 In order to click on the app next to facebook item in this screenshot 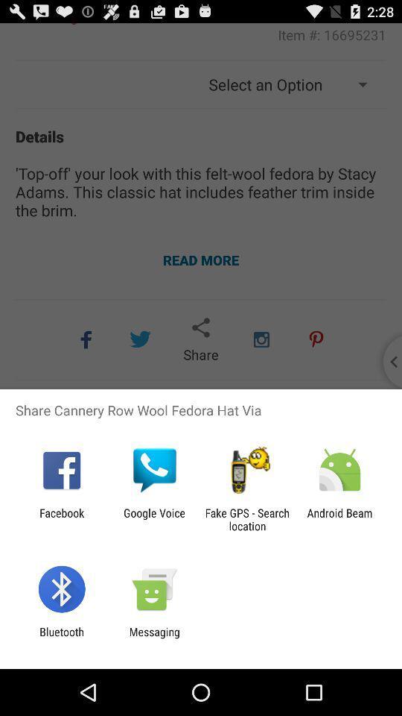, I will do `click(153, 519)`.